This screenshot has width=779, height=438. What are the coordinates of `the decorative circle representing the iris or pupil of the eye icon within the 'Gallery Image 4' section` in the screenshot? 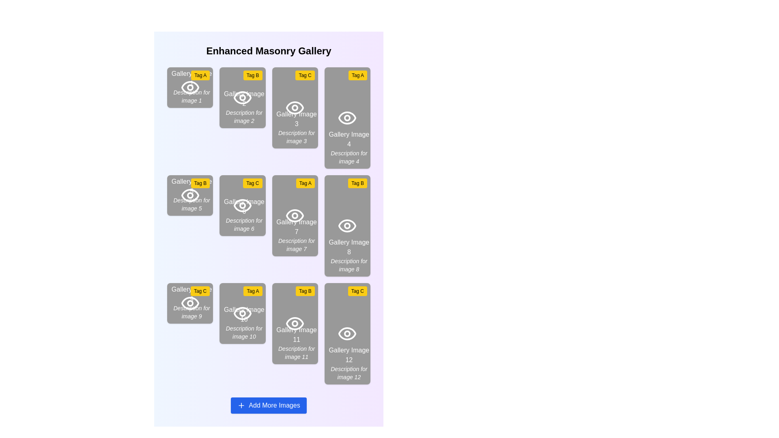 It's located at (347, 118).